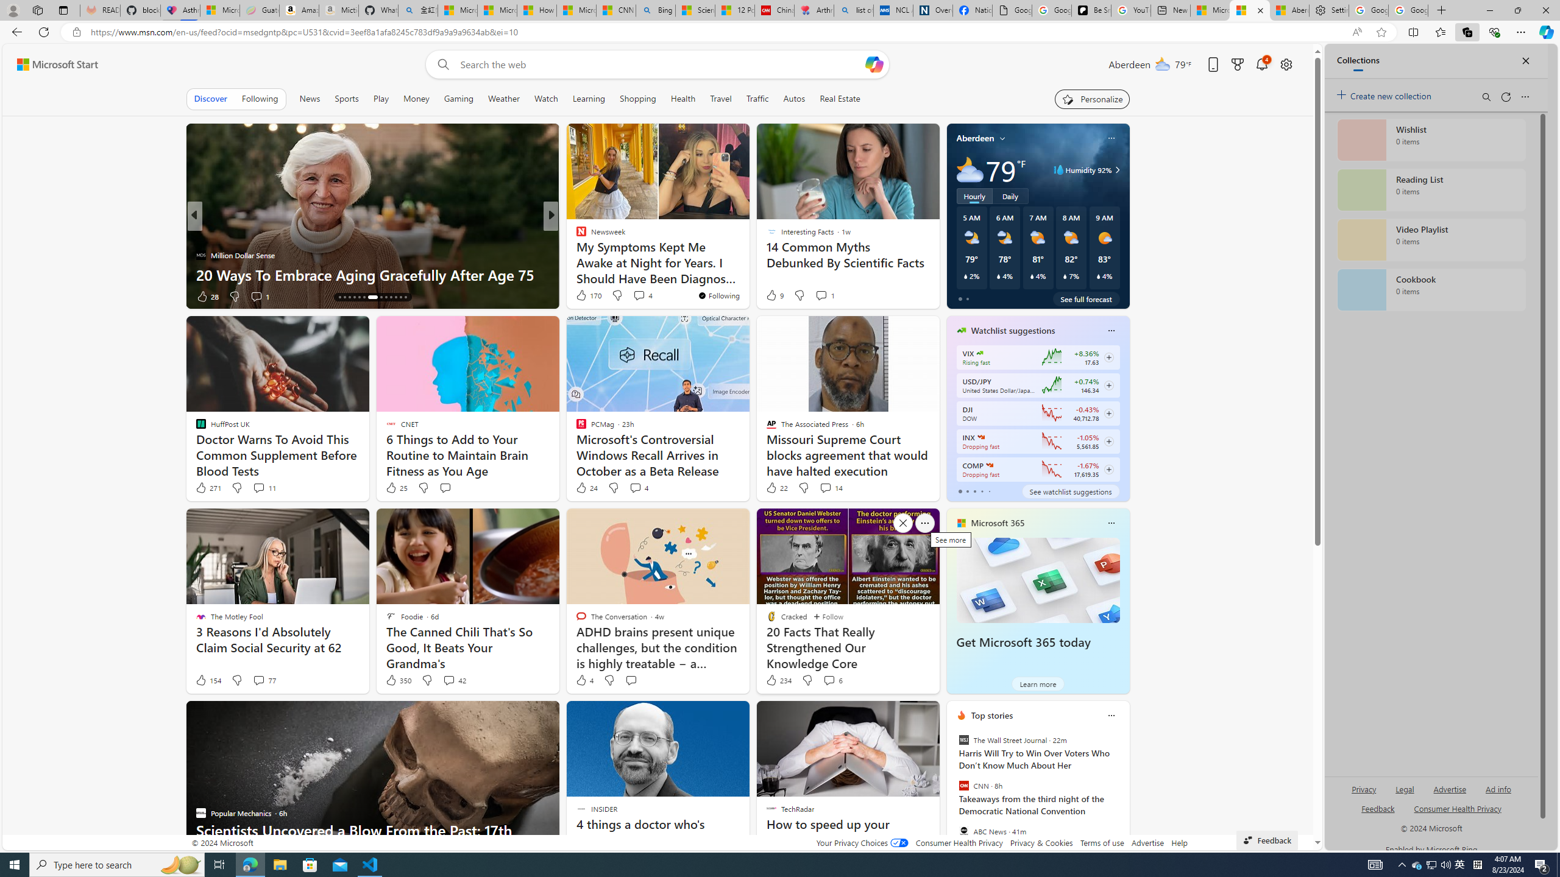 The height and width of the screenshot is (877, 1560). I want to click on '25 Like', so click(395, 487).